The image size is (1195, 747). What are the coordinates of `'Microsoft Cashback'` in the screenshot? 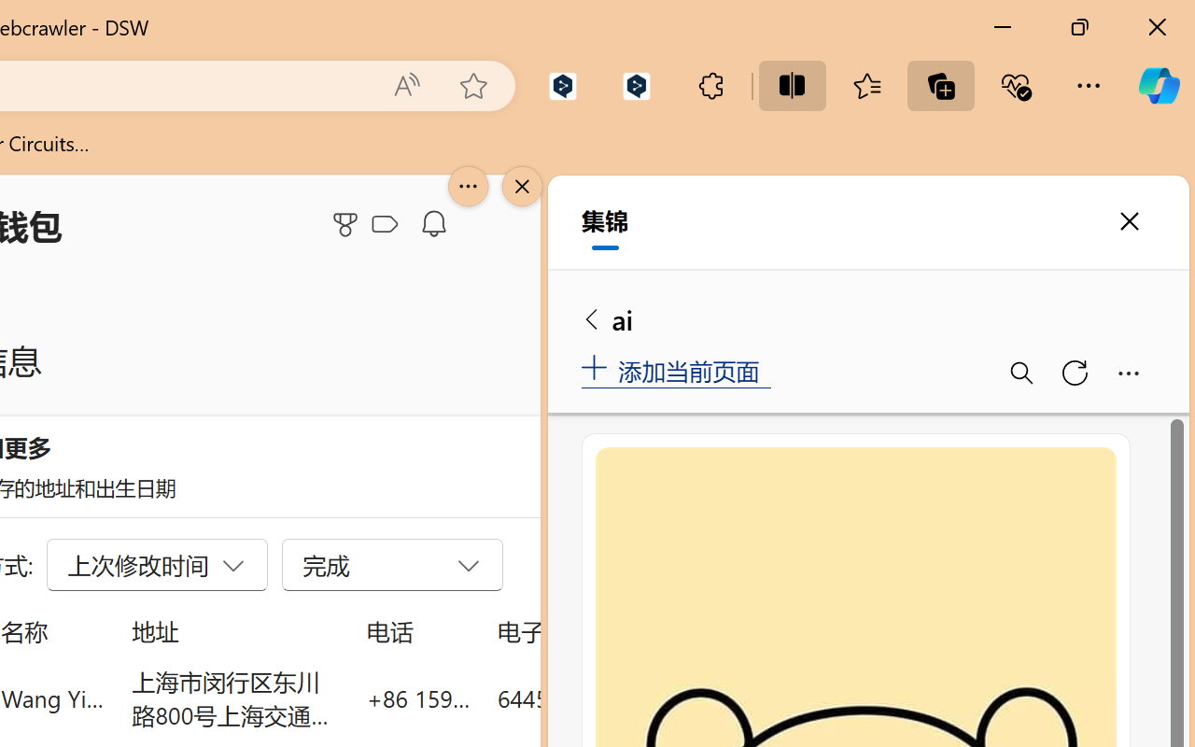 It's located at (387, 224).